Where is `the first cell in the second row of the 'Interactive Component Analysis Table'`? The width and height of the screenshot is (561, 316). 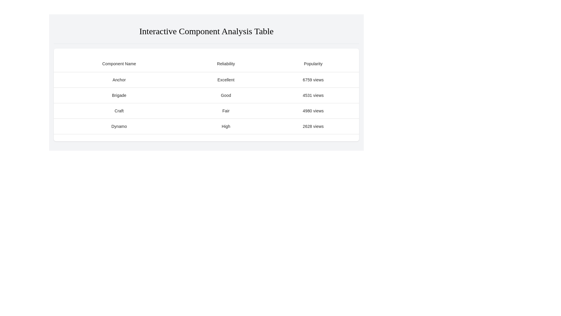 the first cell in the second row of the 'Interactive Component Analysis Table' is located at coordinates (119, 95).